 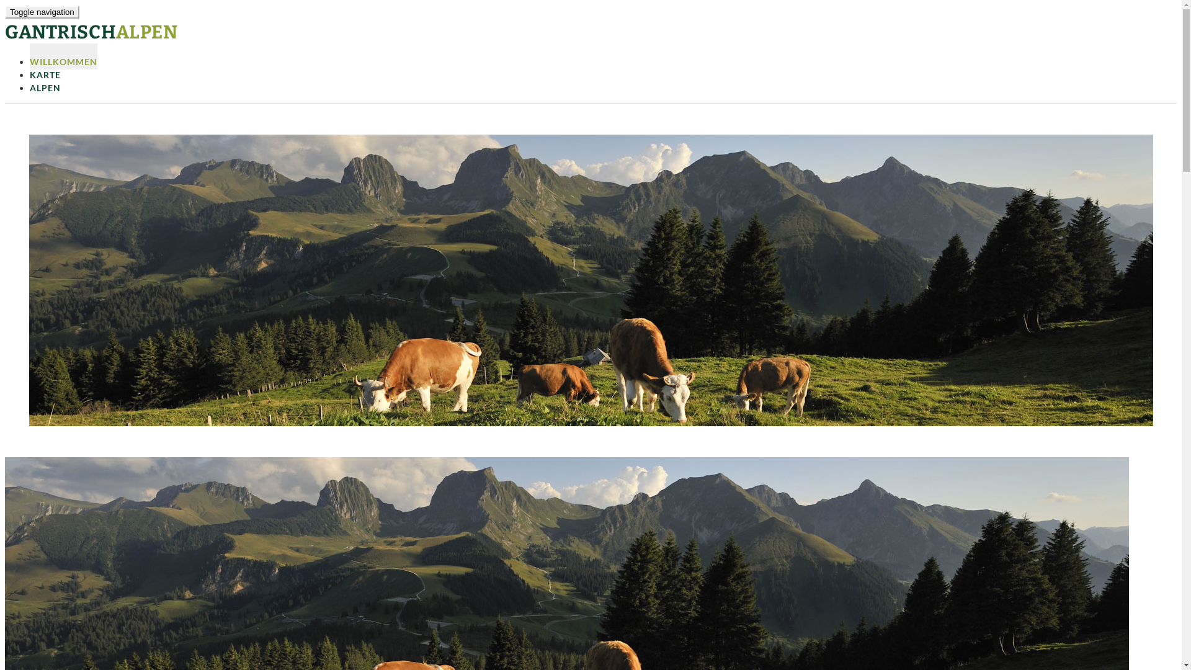 What do you see at coordinates (30, 69) in the screenshot?
I see `'KARTE'` at bounding box center [30, 69].